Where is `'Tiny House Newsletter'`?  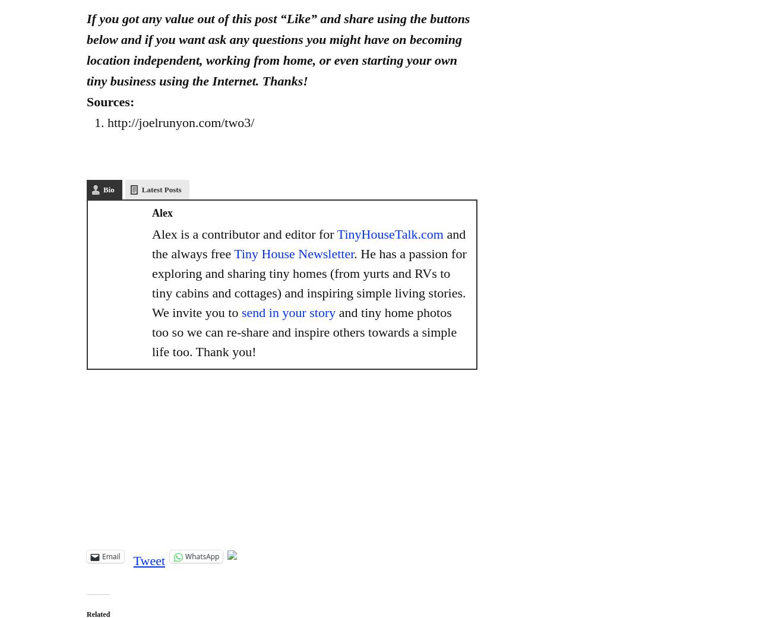 'Tiny House Newsletter' is located at coordinates (294, 253).